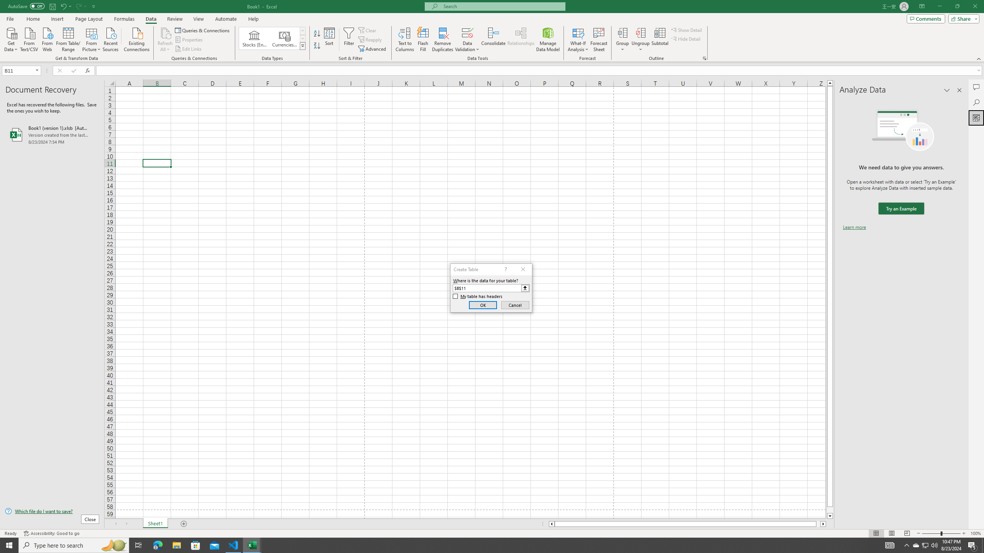 Image resolution: width=984 pixels, height=553 pixels. What do you see at coordinates (964, 533) in the screenshot?
I see `'Zoom In'` at bounding box center [964, 533].